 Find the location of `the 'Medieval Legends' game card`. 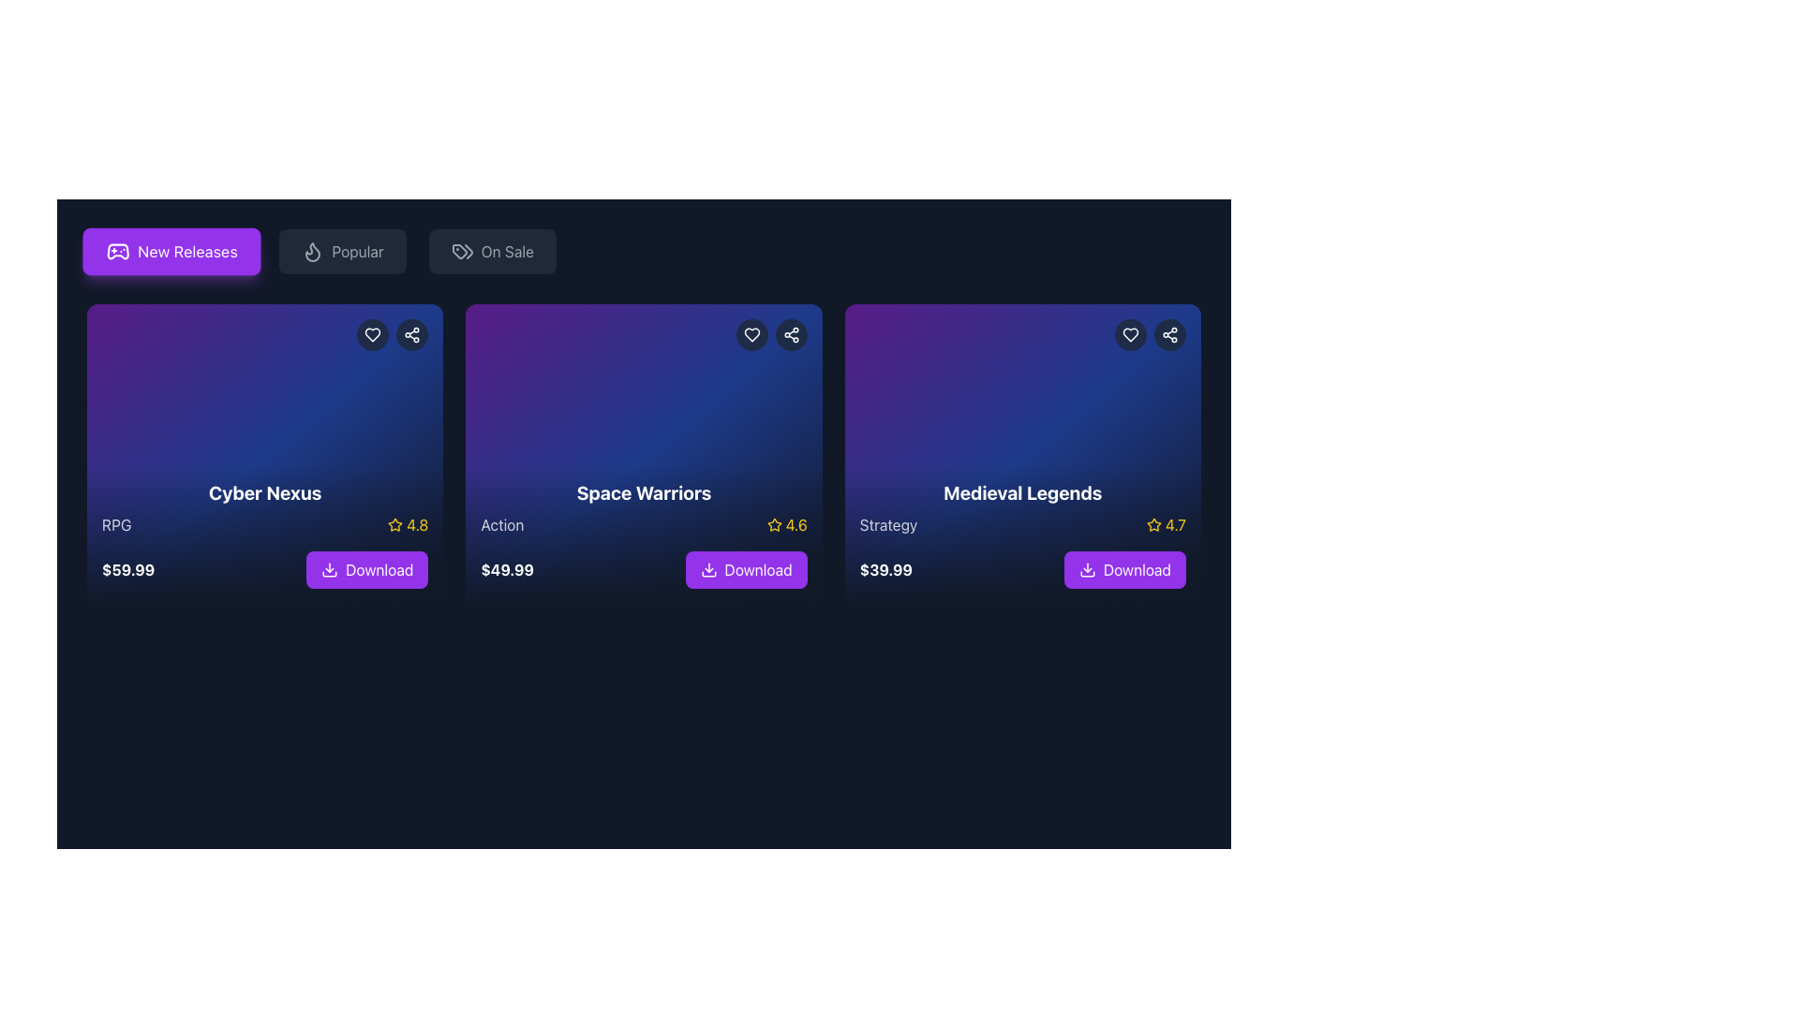

the 'Medieval Legends' game card is located at coordinates (1021, 454).